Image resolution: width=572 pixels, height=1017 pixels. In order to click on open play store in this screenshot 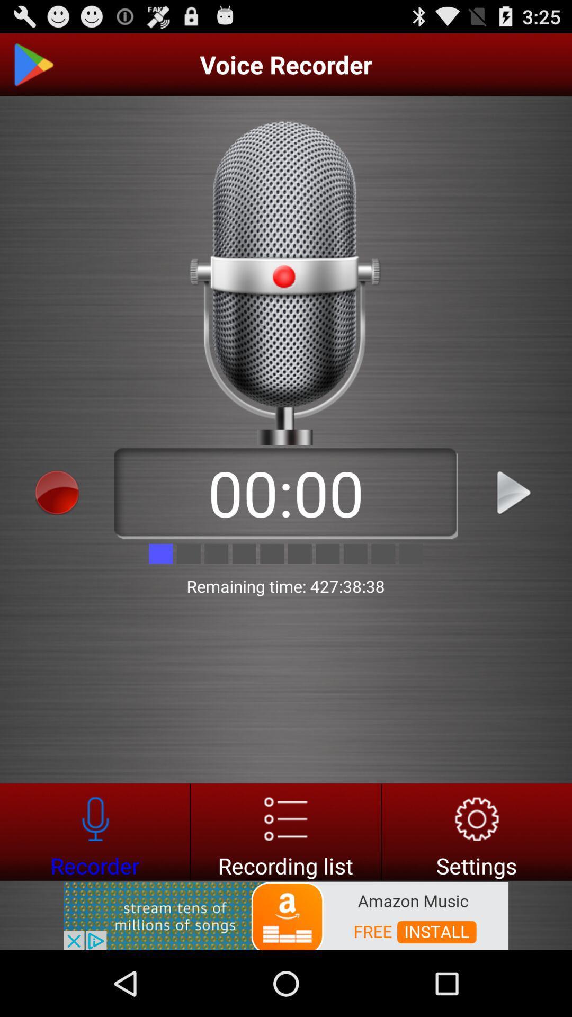, I will do `click(32, 64)`.